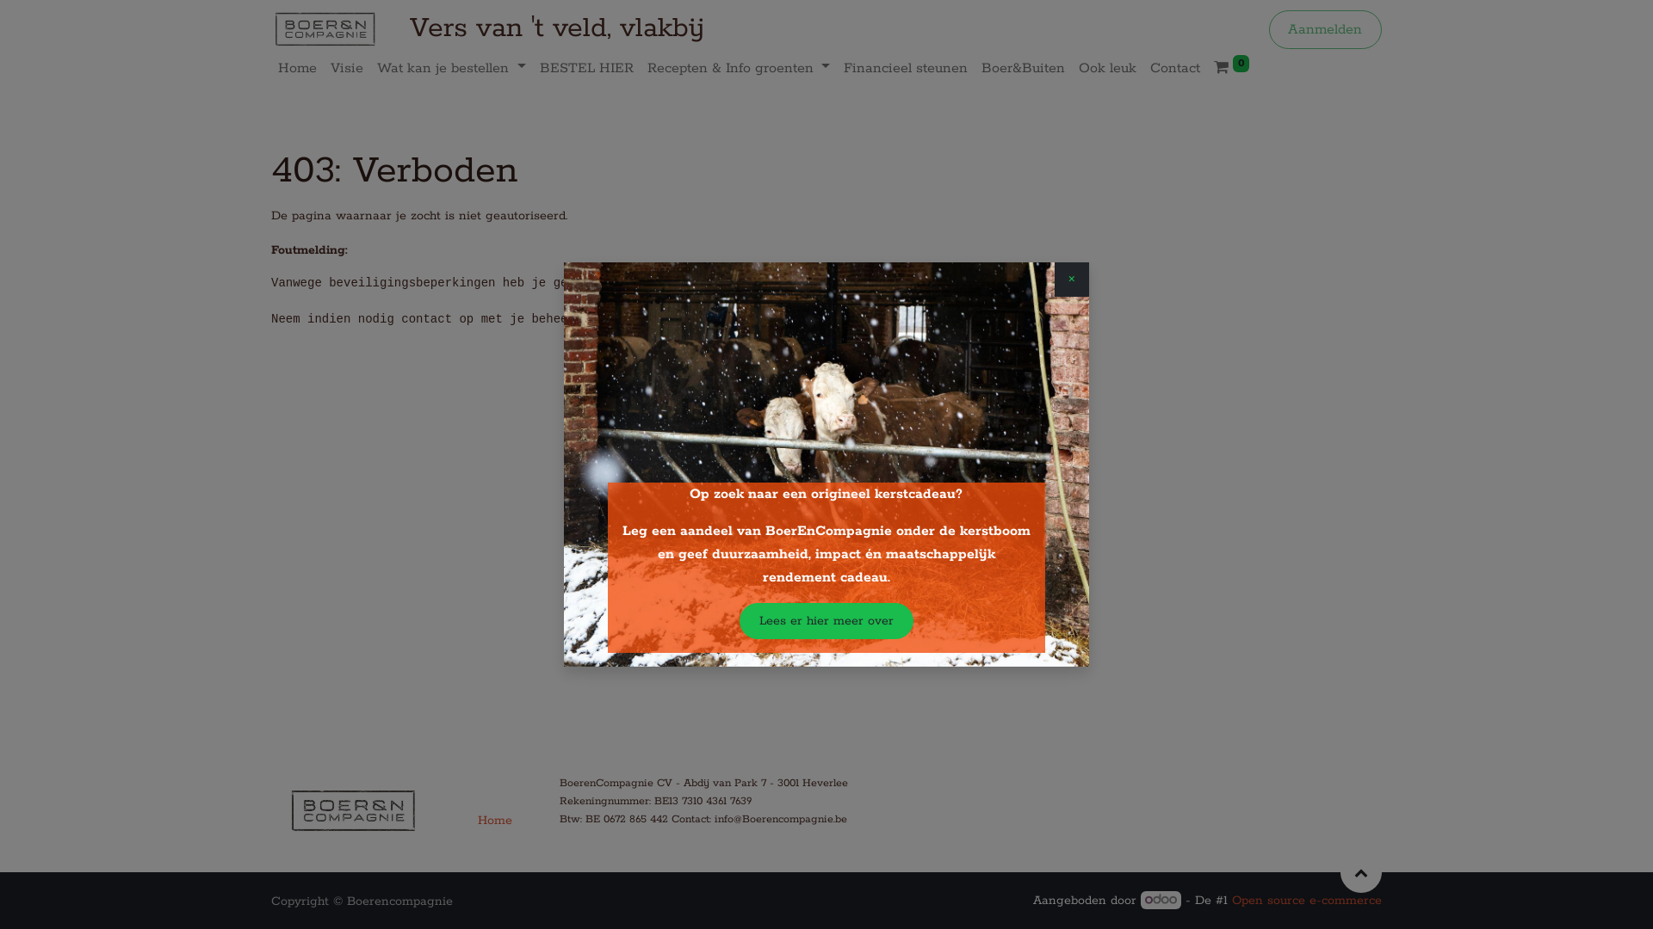 The image size is (1653, 929). What do you see at coordinates (451, 67) in the screenshot?
I see `'Wat kan je bestellen'` at bounding box center [451, 67].